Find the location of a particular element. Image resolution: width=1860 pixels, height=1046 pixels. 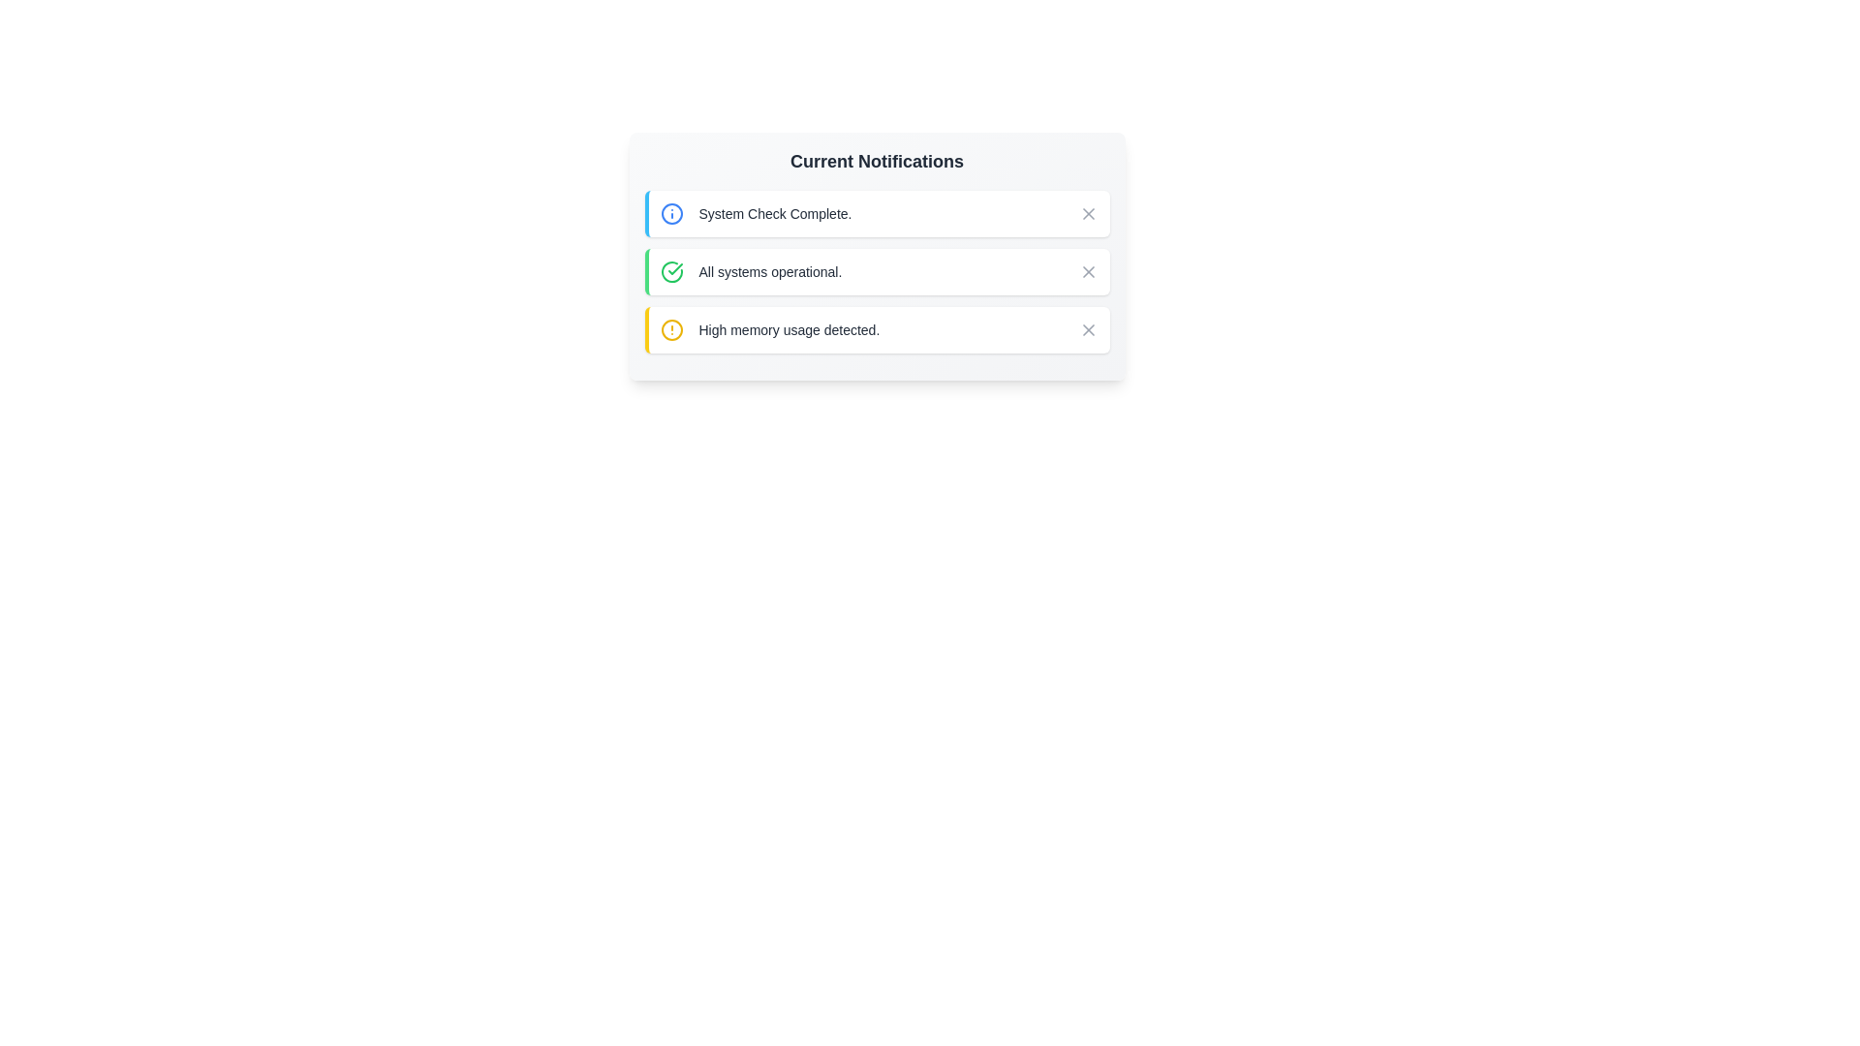

the close button of the notification with the message 'System Check Complete.' is located at coordinates (1088, 213).